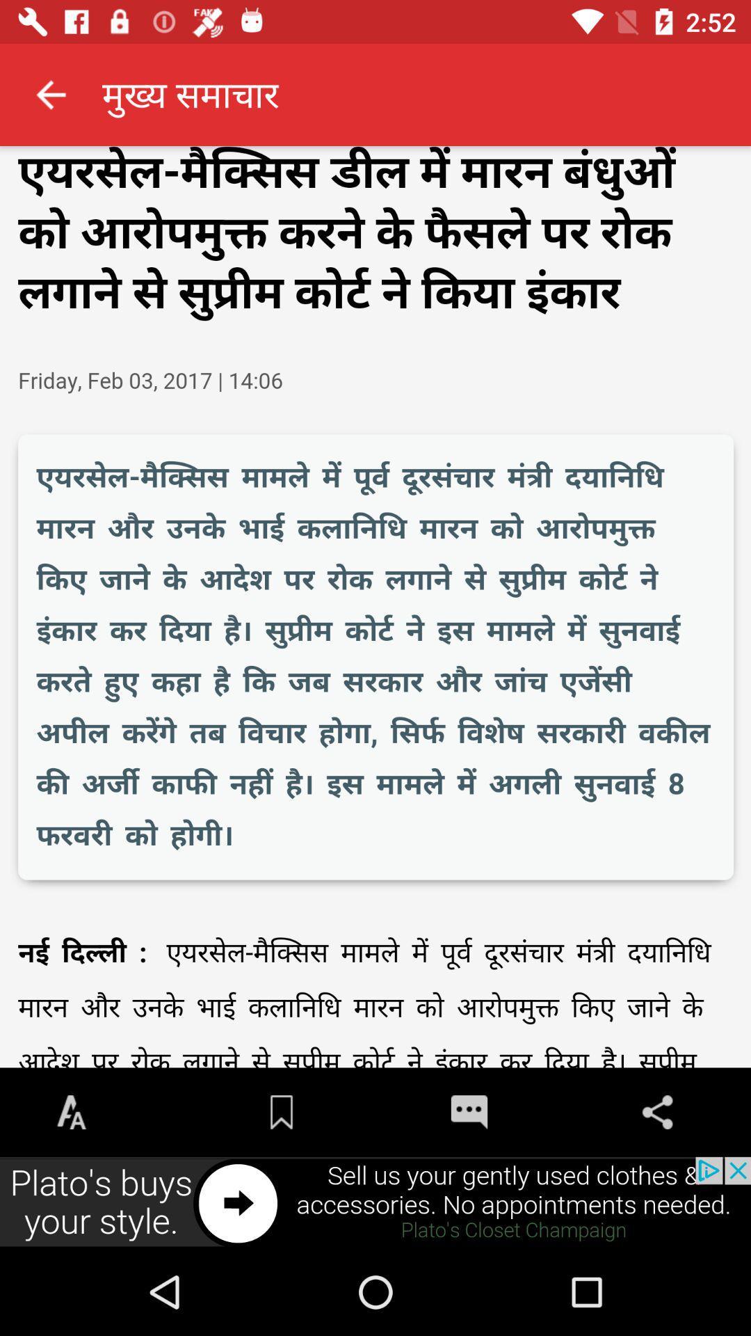 The width and height of the screenshot is (751, 1336). I want to click on the font icon, so click(71, 1111).